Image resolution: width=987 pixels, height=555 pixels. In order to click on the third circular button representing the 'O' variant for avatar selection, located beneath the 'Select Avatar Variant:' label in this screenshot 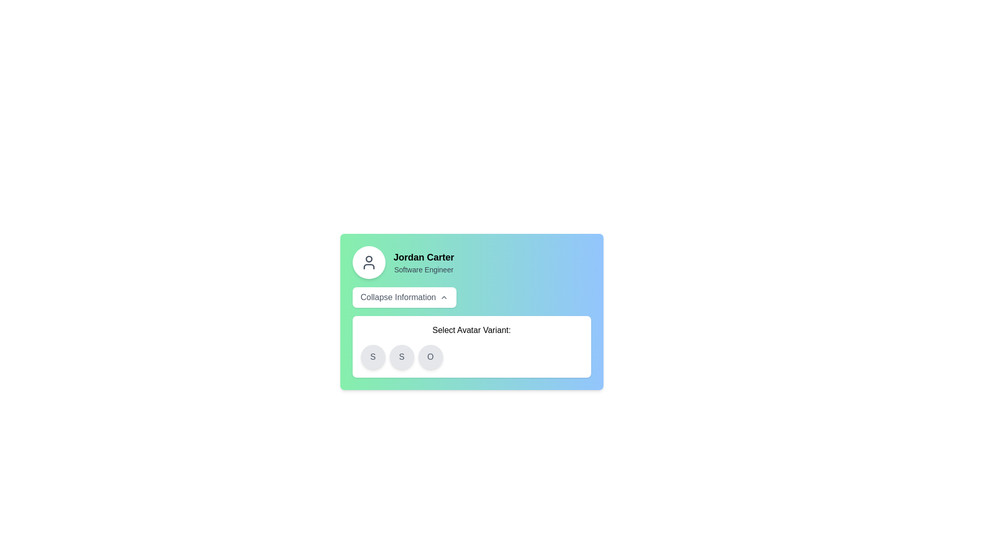, I will do `click(430, 356)`.